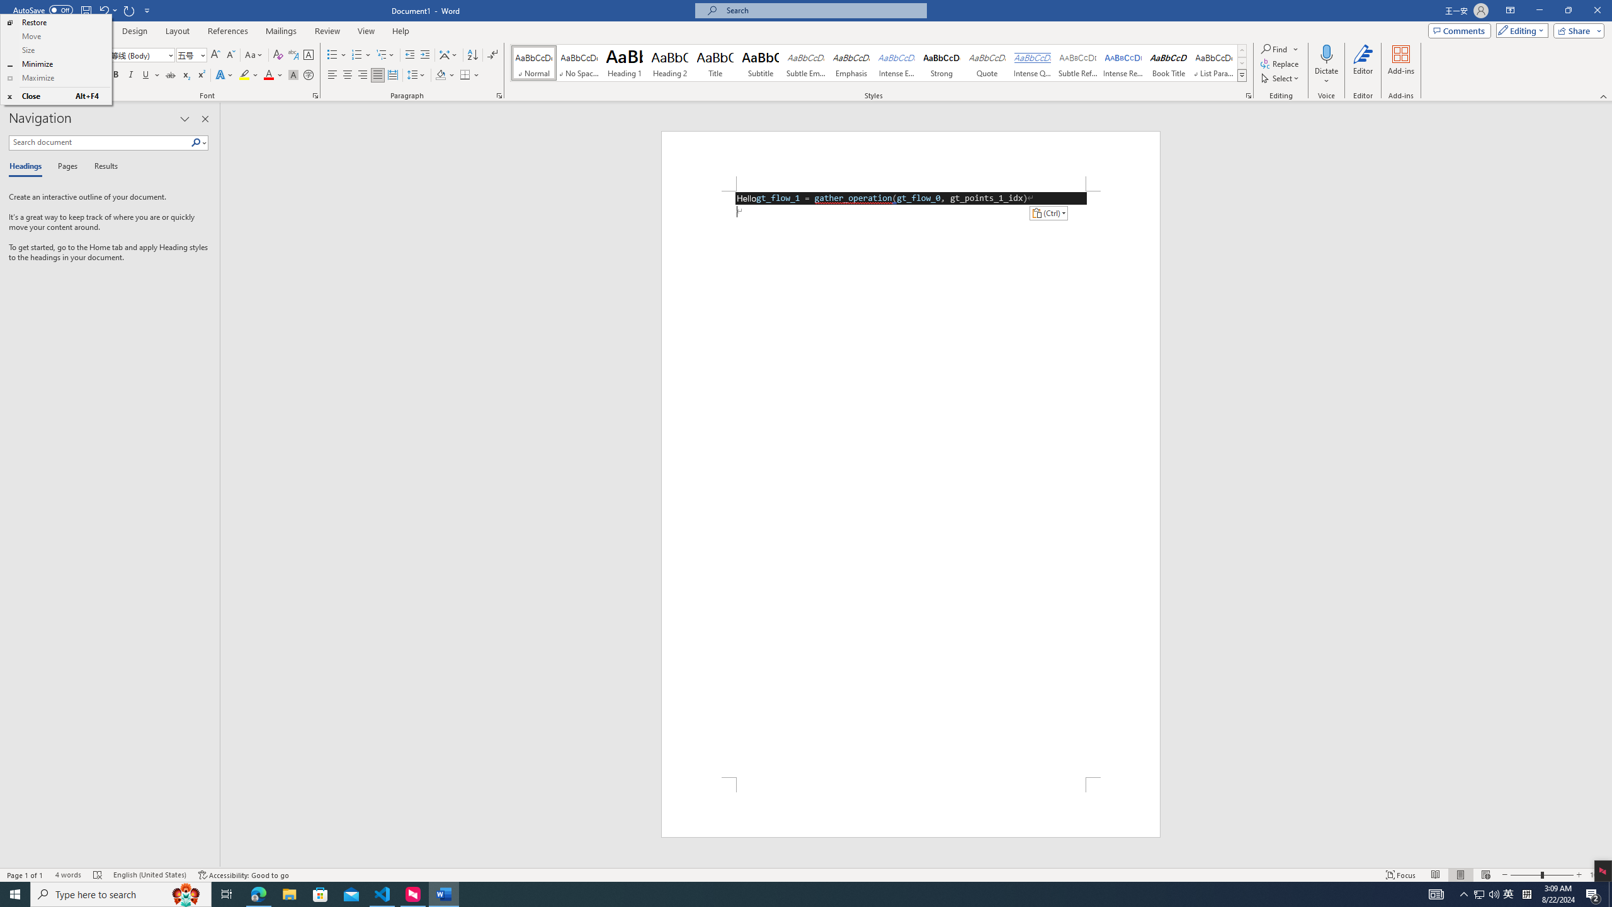 Image resolution: width=1612 pixels, height=907 pixels. What do you see at coordinates (987, 62) in the screenshot?
I see `'Quote'` at bounding box center [987, 62].